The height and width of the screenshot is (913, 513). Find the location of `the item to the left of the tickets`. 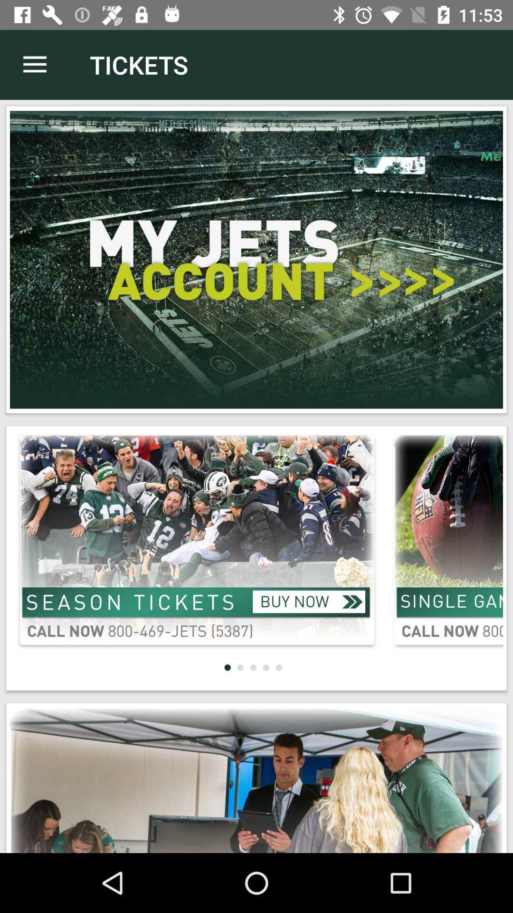

the item to the left of the tickets is located at coordinates (34, 64).